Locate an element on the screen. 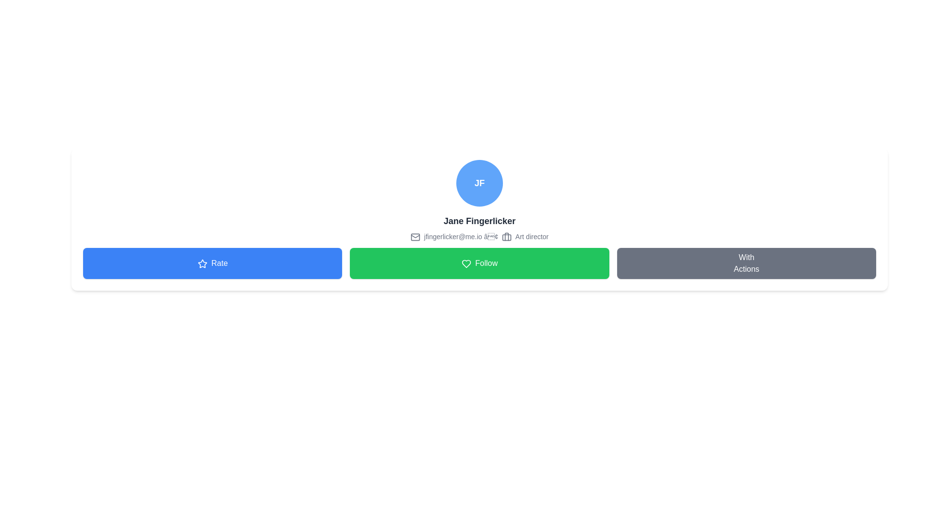 This screenshot has width=933, height=525. the Text with inline icons that provides secondary information about the individual, including their email address and job title, positioned below 'Jane Fingerlicker' and above the action buttons is located at coordinates (480, 236).